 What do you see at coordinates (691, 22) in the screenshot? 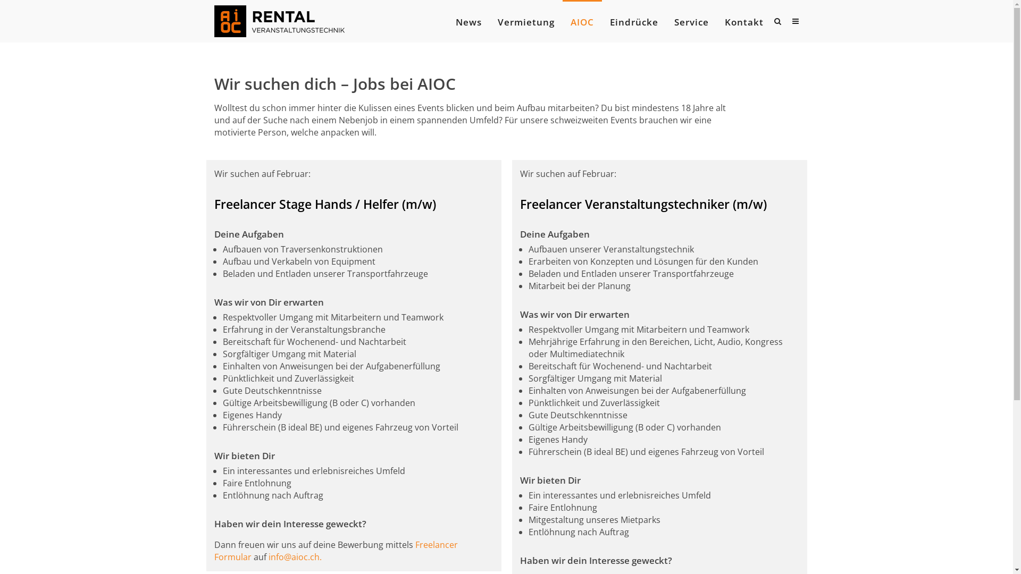
I see `'Service'` at bounding box center [691, 22].